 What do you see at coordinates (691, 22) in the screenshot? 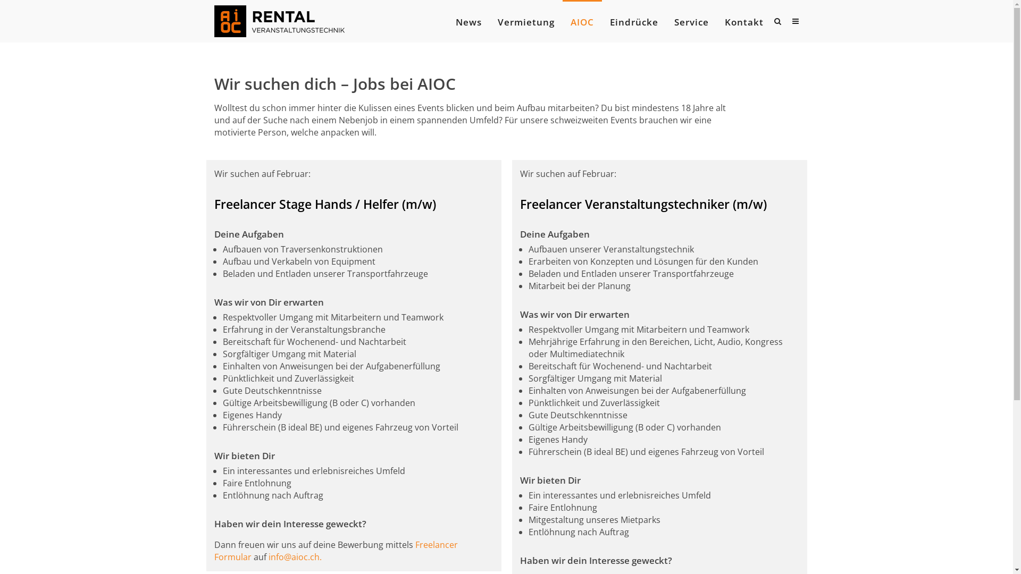
I see `'Service'` at bounding box center [691, 22].